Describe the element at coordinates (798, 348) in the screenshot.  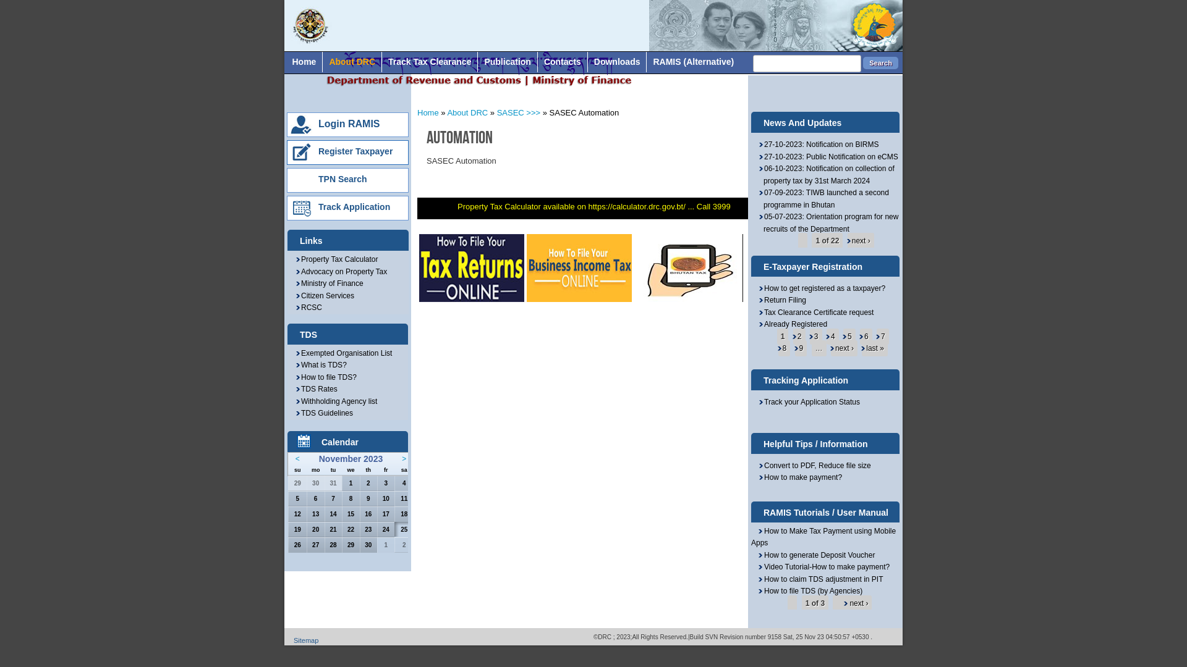
I see `'9'` at that location.